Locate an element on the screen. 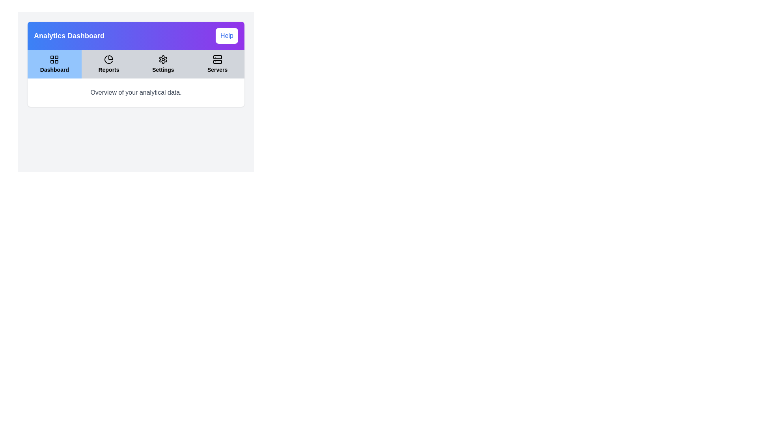 The width and height of the screenshot is (757, 426). the third navigation item in the horizontal segmented control that accesses the settings section of the application is located at coordinates (162, 64).